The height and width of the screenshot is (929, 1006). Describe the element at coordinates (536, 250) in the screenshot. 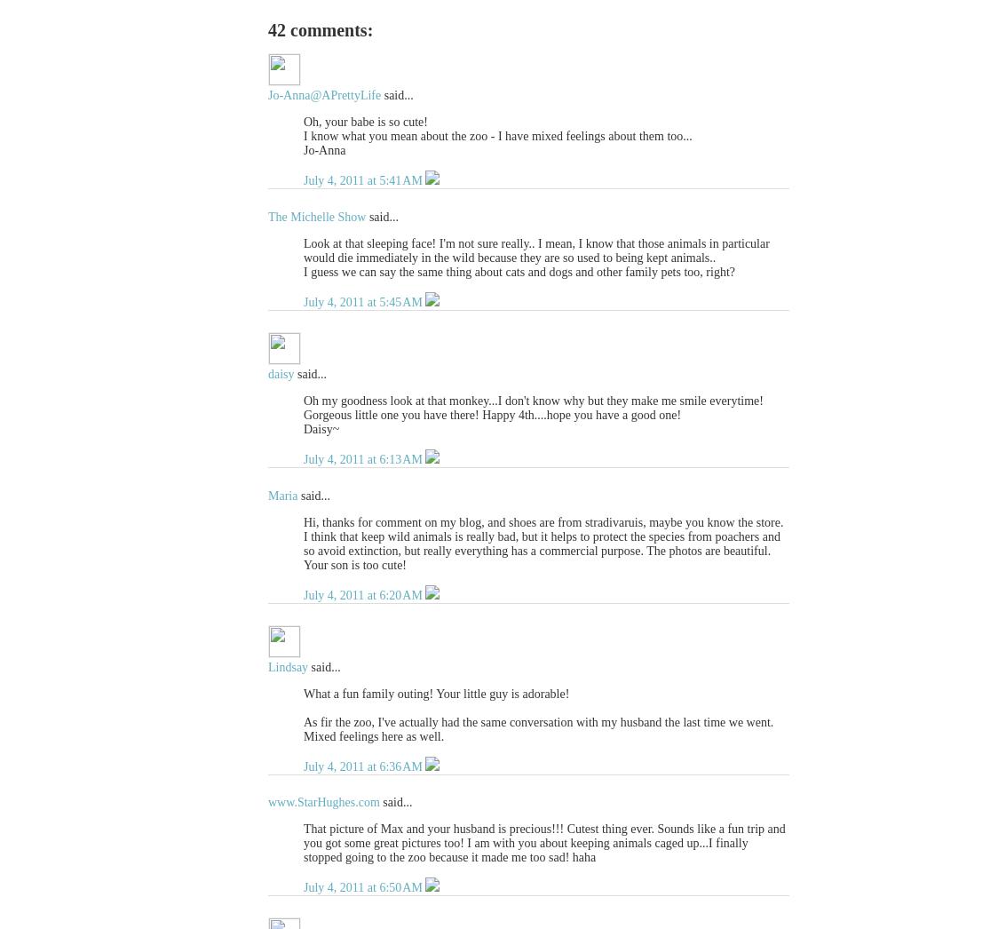

I see `'Look at that sleeping face! I'm not sure really.. I mean, I know that those animals in particular would die immediately in the wild because they are so used to being kept animals..'` at that location.